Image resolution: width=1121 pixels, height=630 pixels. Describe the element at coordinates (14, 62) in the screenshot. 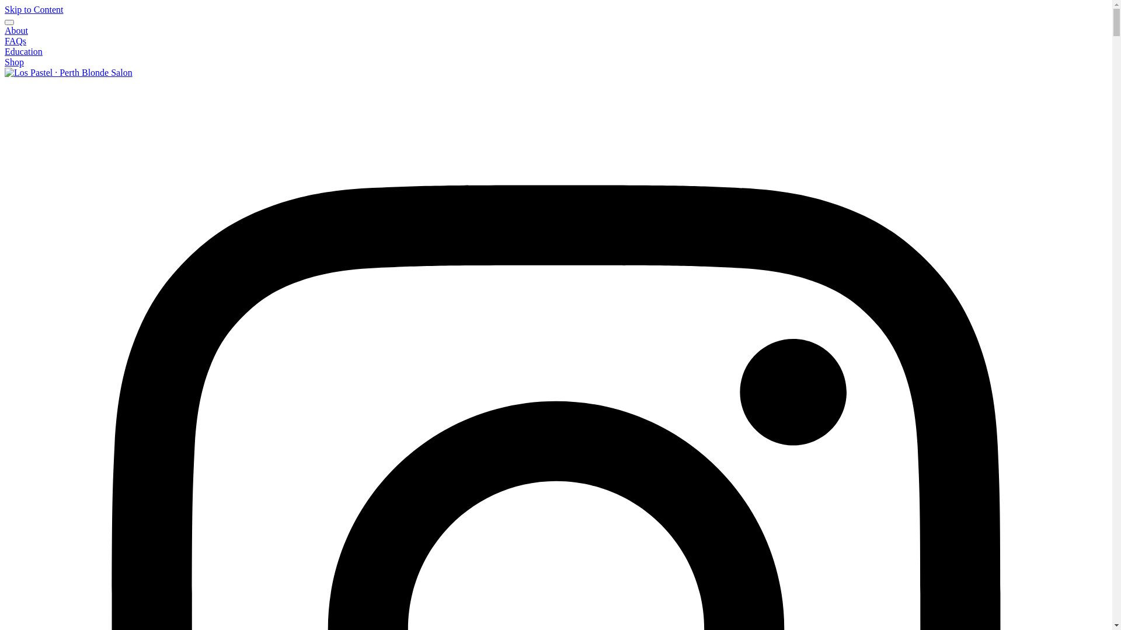

I see `'Shop'` at that location.